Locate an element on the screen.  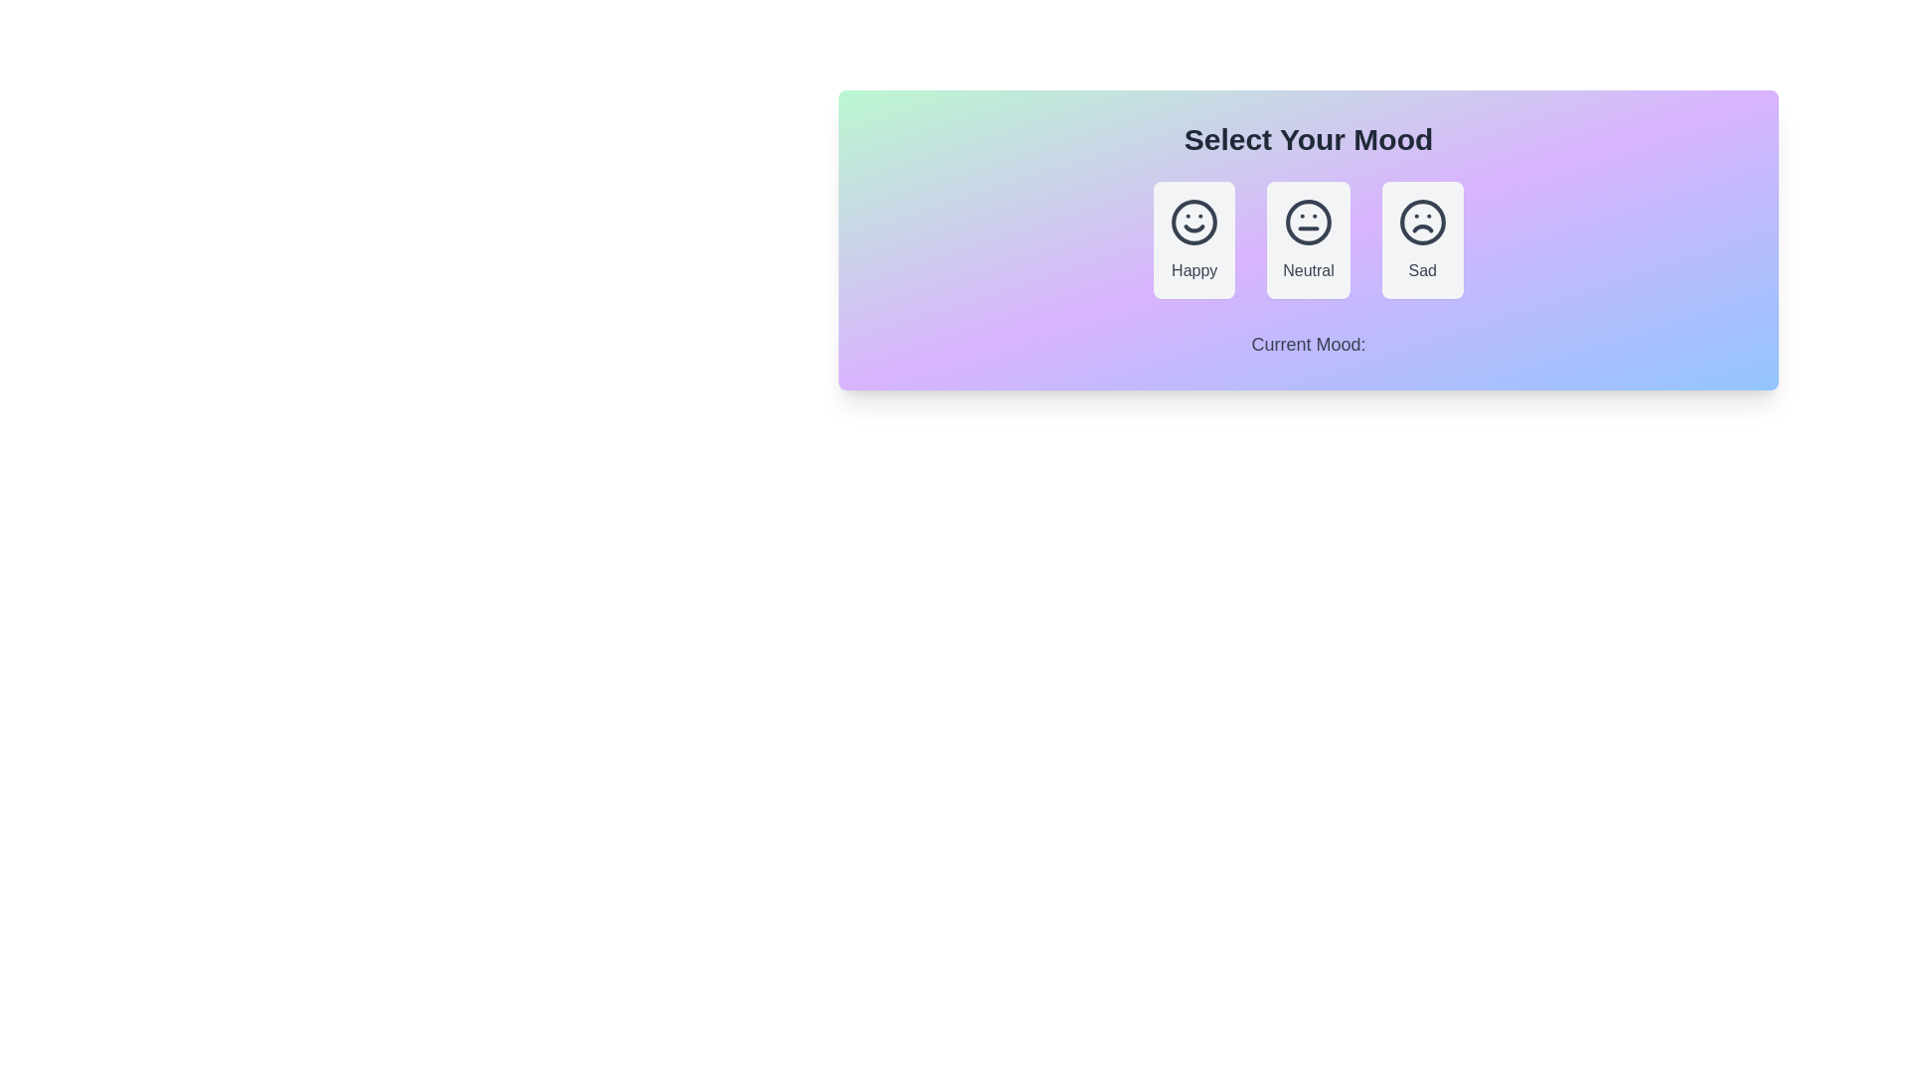
the Sad button to observe its hover effects is located at coordinates (1421, 239).